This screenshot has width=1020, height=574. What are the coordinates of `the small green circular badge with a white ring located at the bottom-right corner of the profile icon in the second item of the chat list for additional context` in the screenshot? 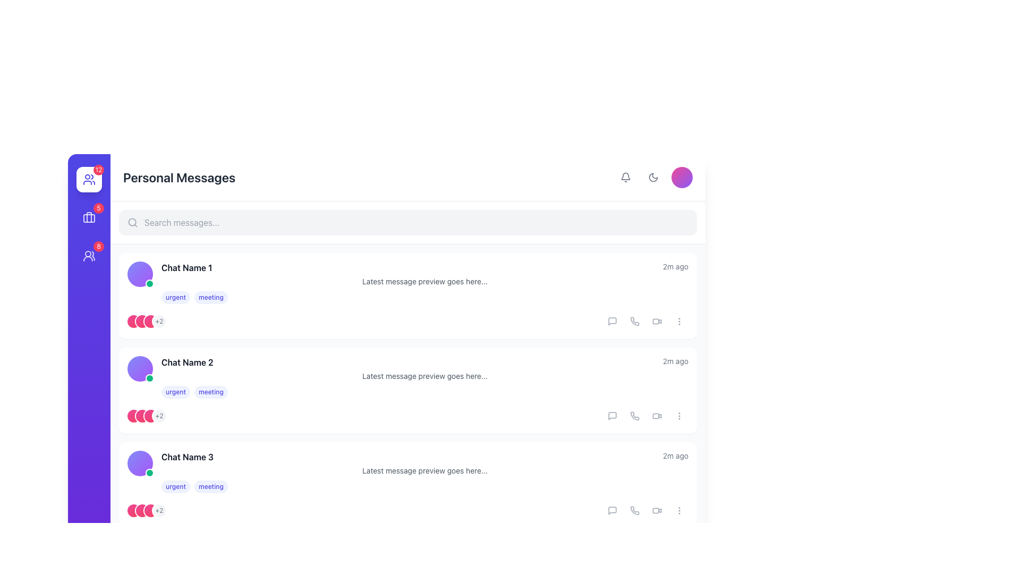 It's located at (149, 378).